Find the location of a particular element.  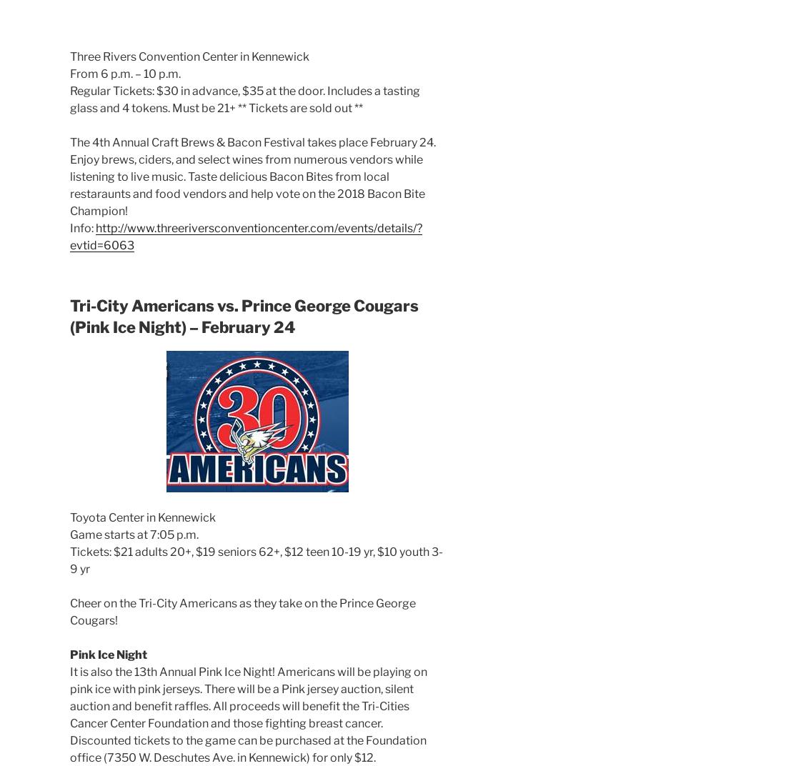

'From 6 p.m. – 10 p.m.' is located at coordinates (124, 73).